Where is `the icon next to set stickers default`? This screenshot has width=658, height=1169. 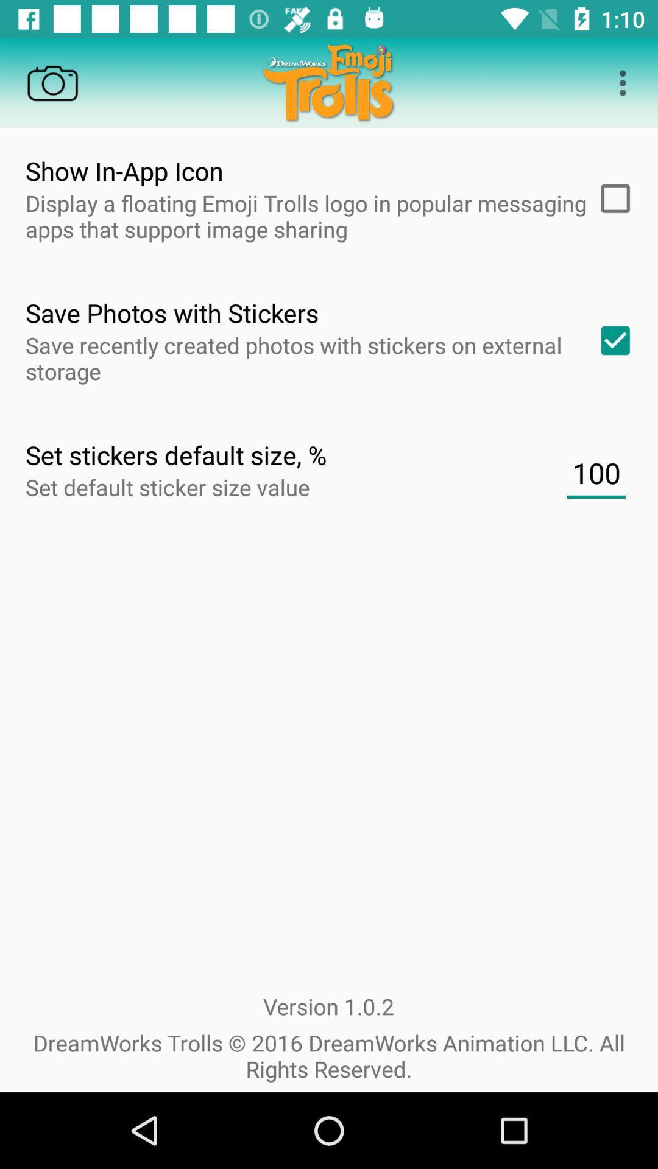 the icon next to set stickers default is located at coordinates (595, 472).